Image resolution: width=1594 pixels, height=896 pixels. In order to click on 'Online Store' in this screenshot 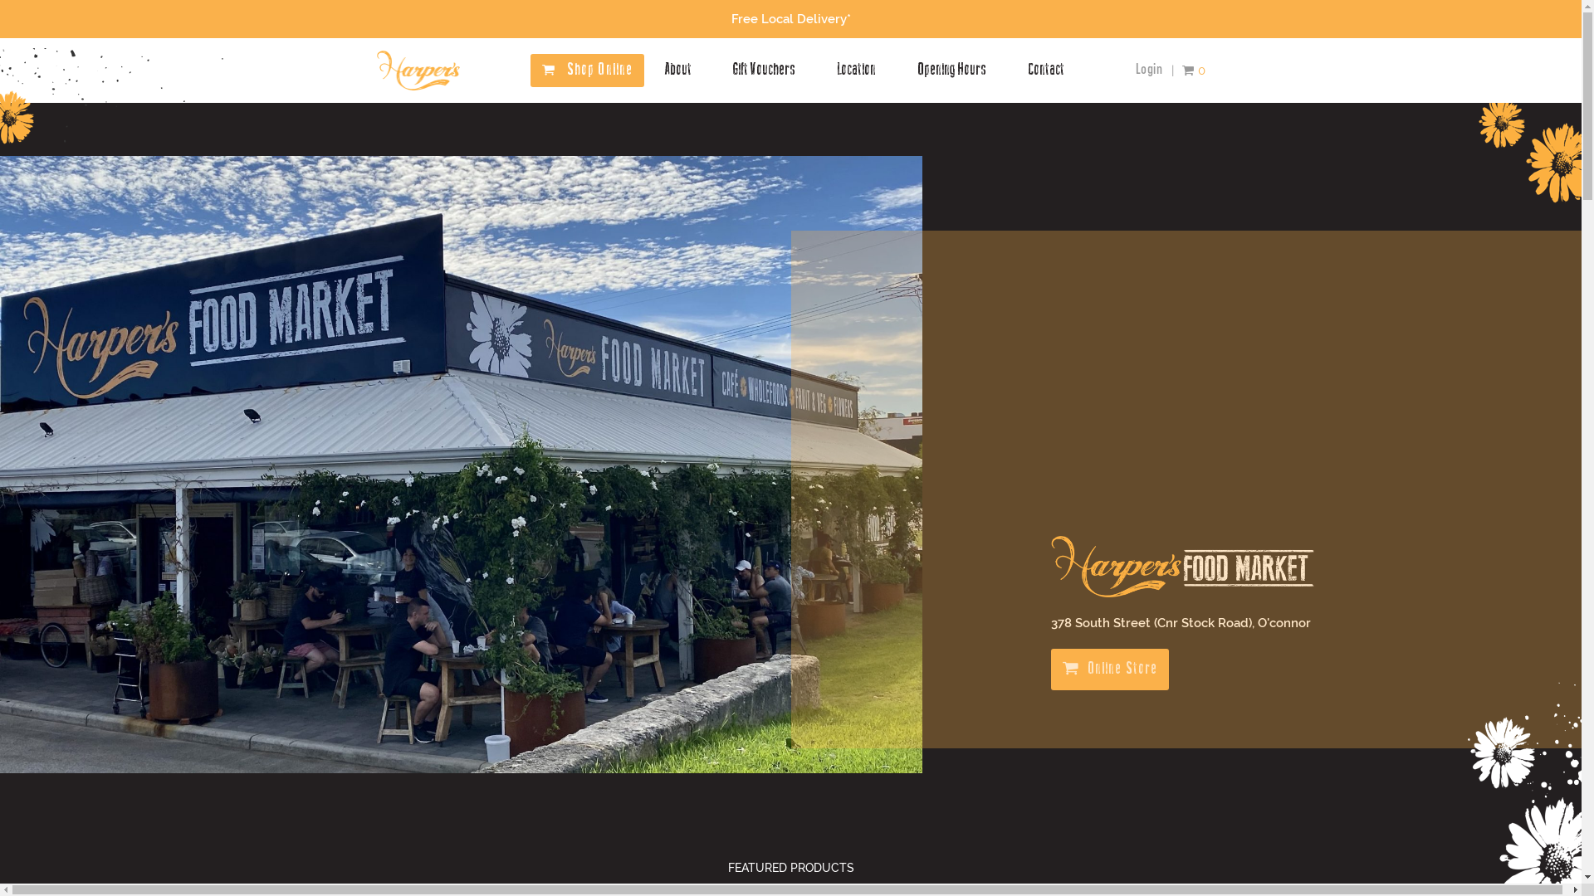, I will do `click(1110, 668)`.